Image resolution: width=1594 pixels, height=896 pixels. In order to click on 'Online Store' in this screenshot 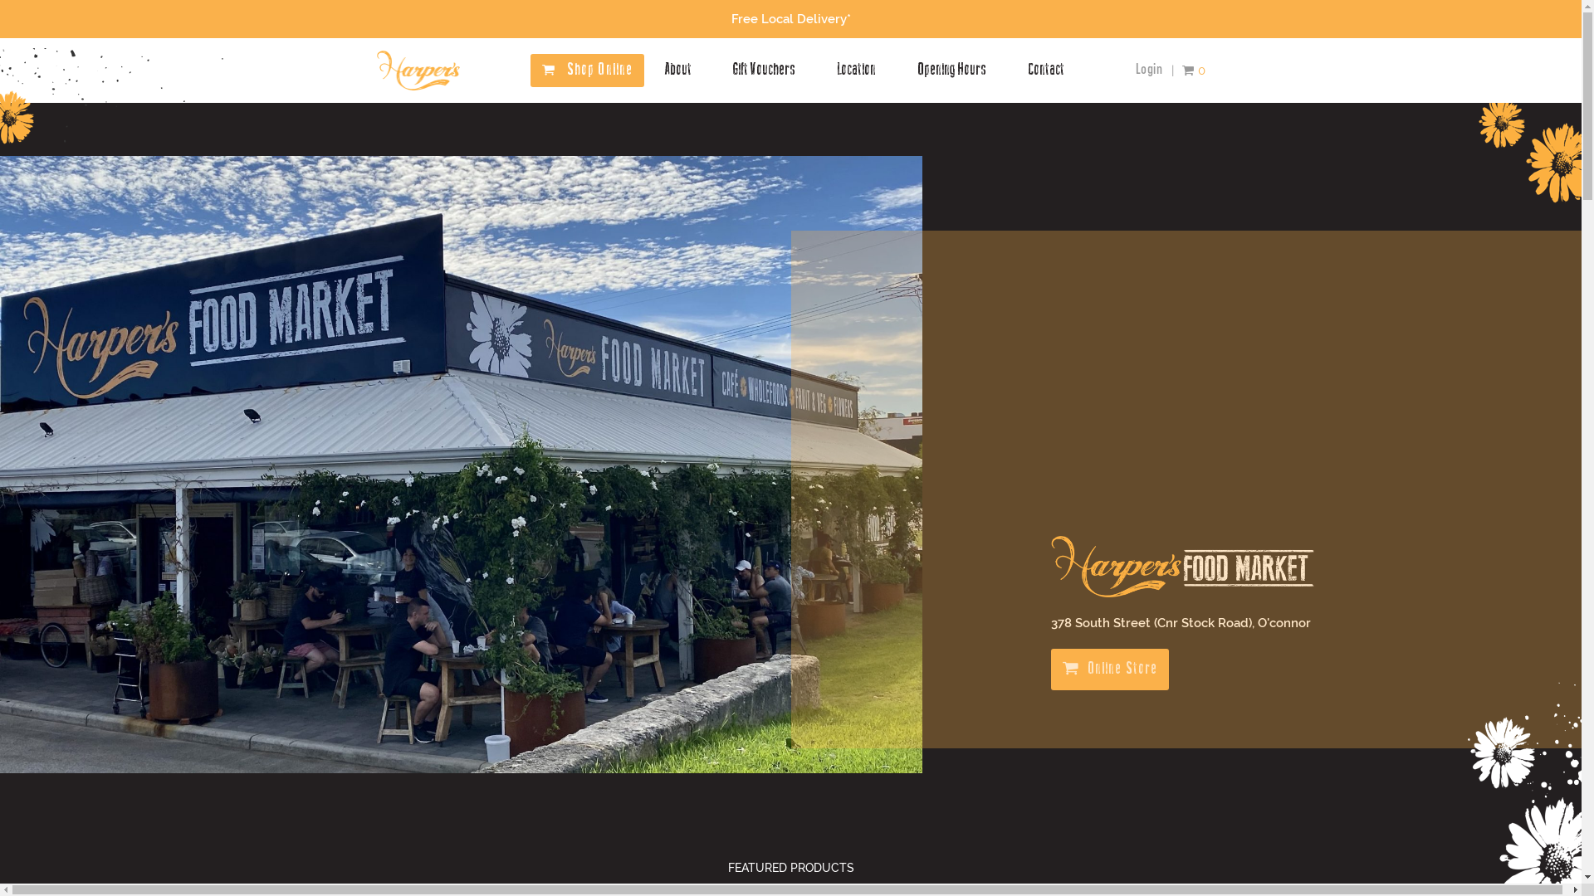, I will do `click(1110, 668)`.